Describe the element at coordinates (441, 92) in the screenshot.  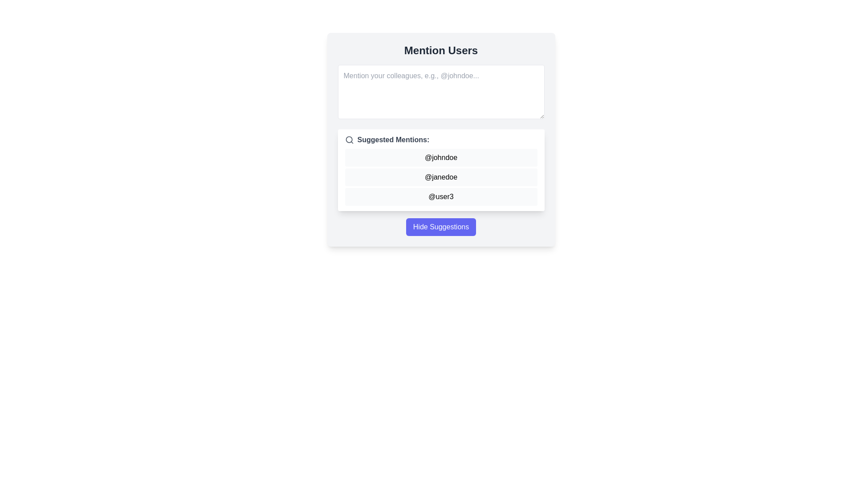
I see `inside the textarea with a white background and rounded corners that prompts users to mention colleagues, to focus on it` at that location.